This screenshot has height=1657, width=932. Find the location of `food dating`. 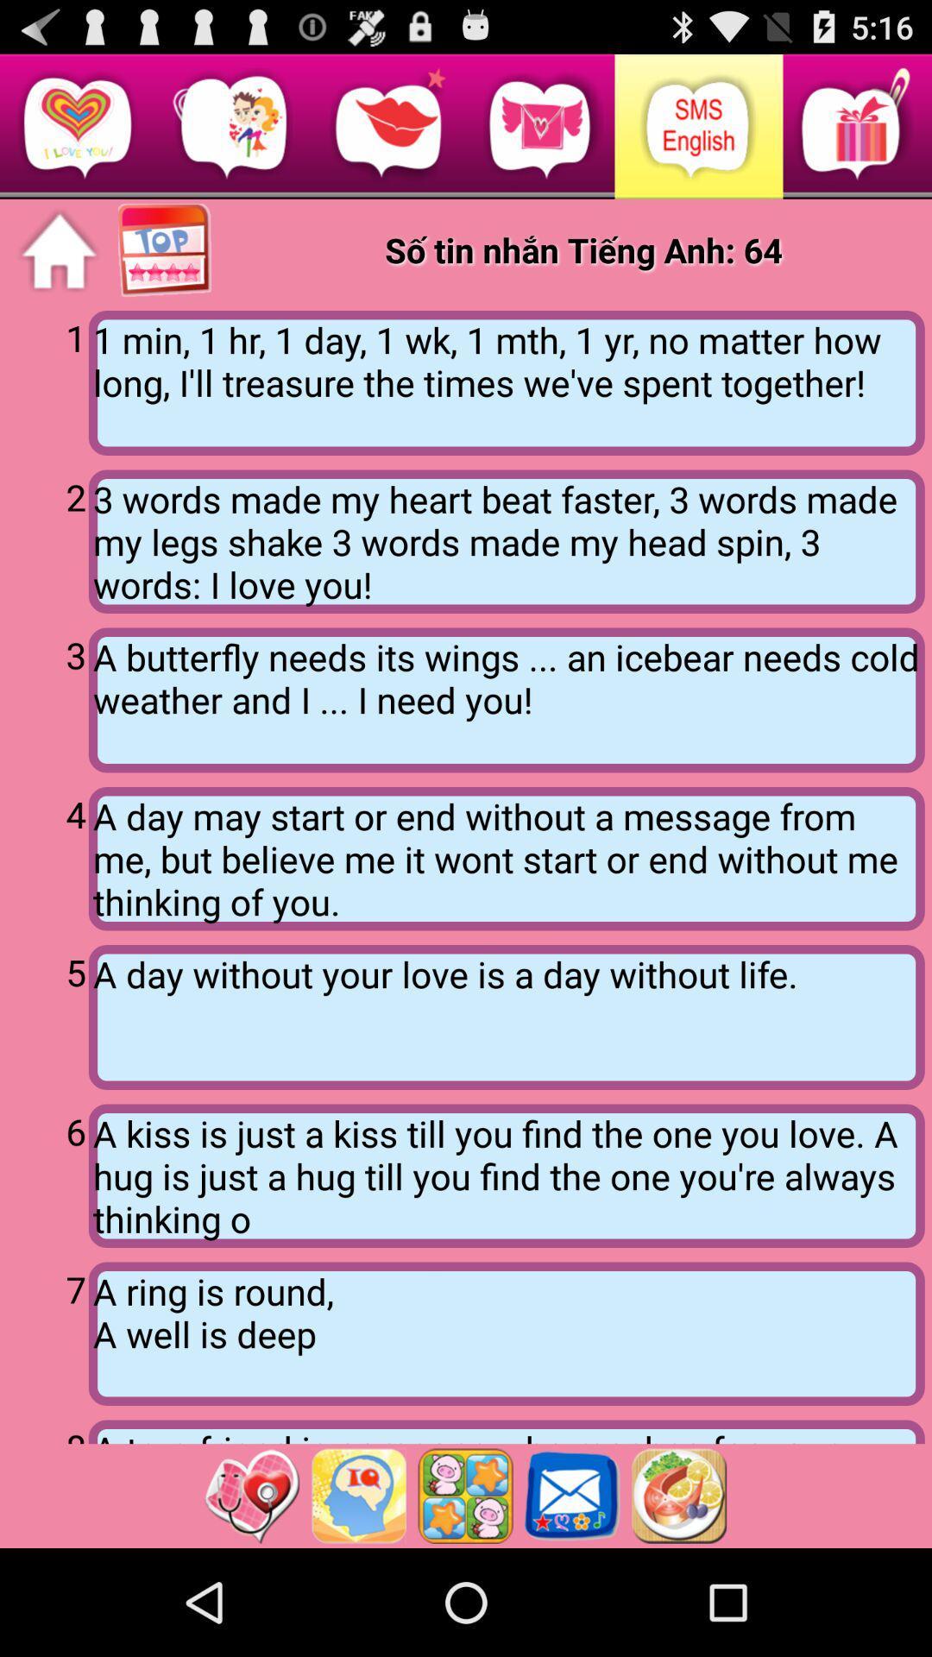

food dating is located at coordinates (678, 1495).